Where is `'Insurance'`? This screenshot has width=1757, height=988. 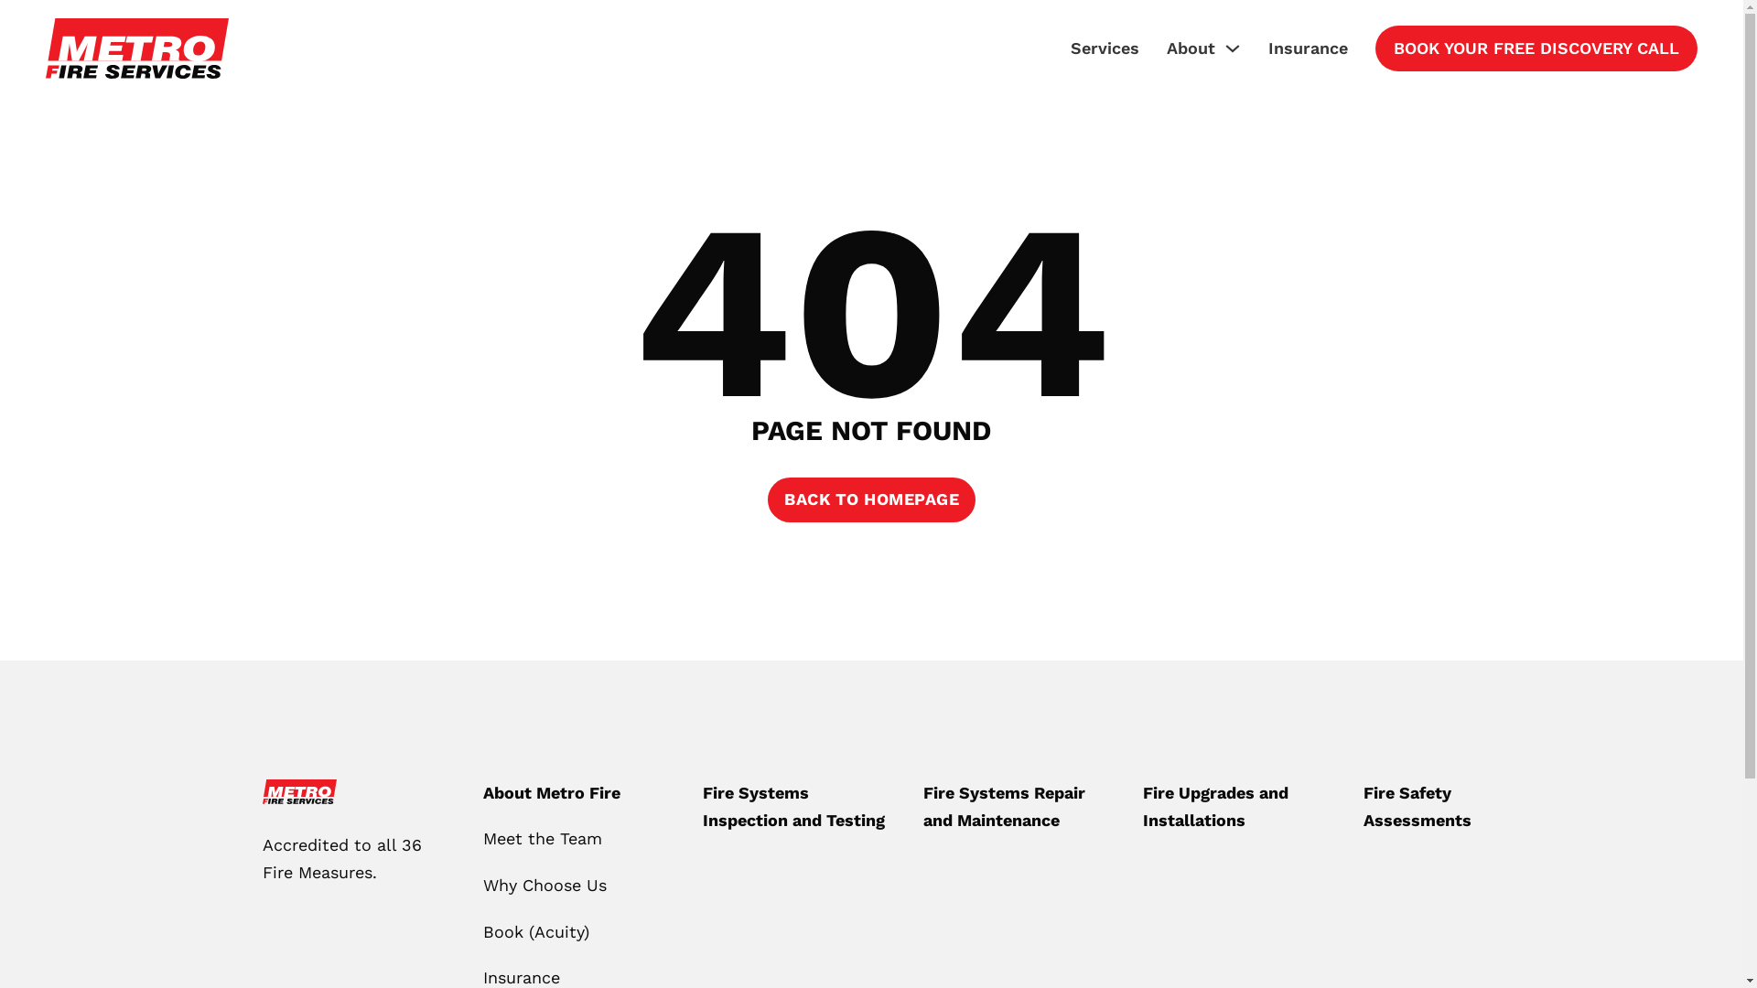 'Insurance' is located at coordinates (1307, 48).